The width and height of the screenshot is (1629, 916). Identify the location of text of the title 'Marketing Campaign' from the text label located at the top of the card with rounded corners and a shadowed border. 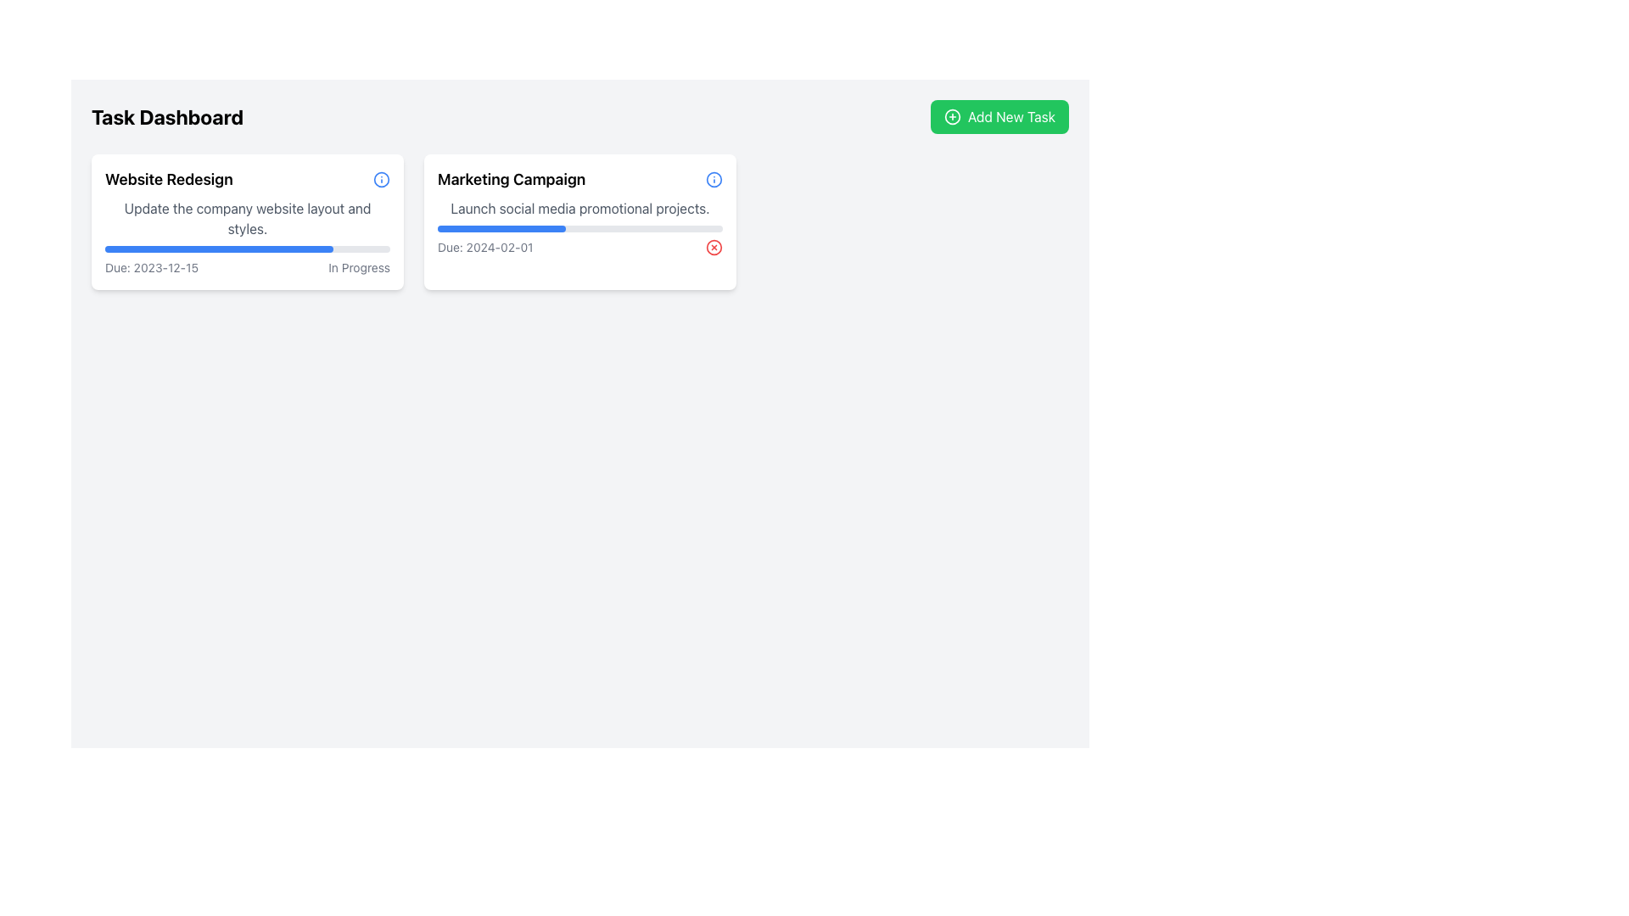
(580, 180).